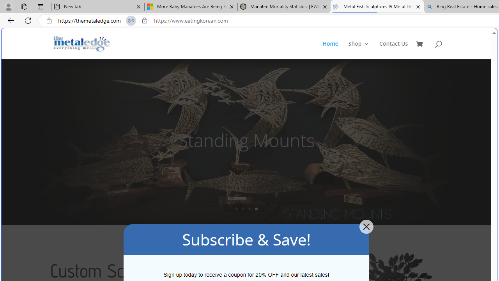  I want to click on '4', so click(256, 208).